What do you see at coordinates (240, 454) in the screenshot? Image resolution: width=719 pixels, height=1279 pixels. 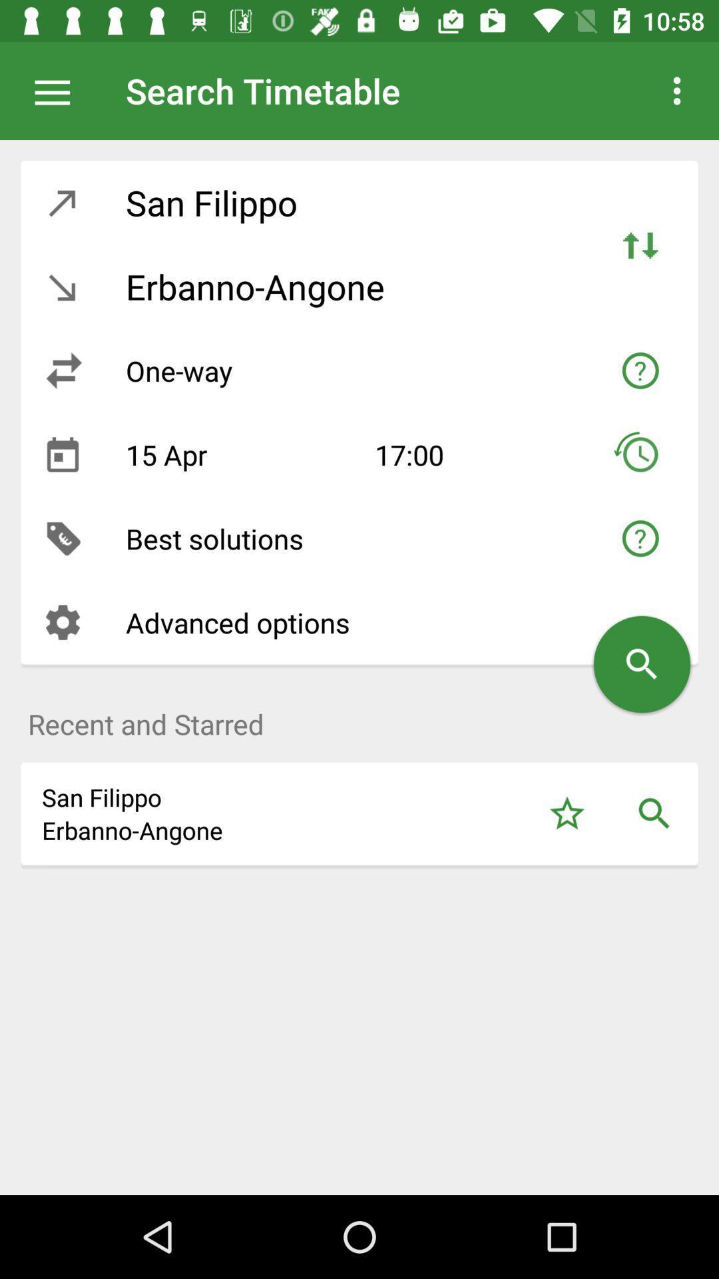 I see `the item to the left of 17:00 item` at bounding box center [240, 454].